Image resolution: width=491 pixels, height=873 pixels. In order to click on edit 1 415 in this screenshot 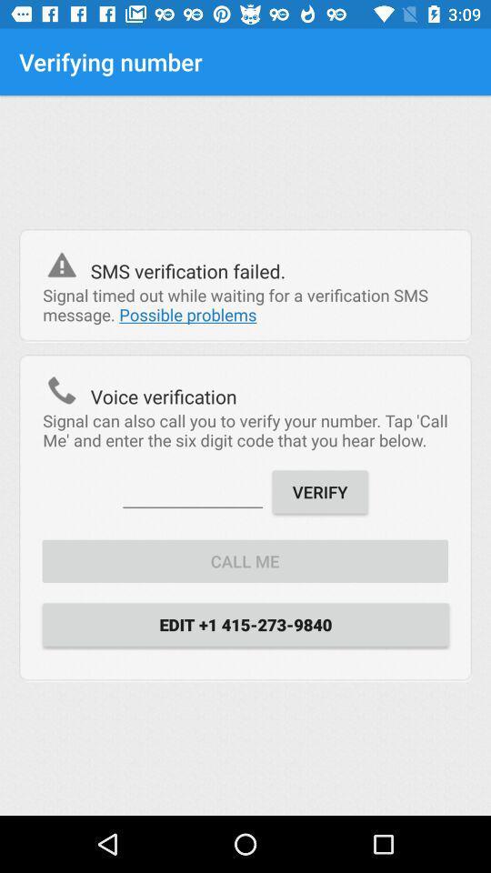, I will do `click(245, 624)`.